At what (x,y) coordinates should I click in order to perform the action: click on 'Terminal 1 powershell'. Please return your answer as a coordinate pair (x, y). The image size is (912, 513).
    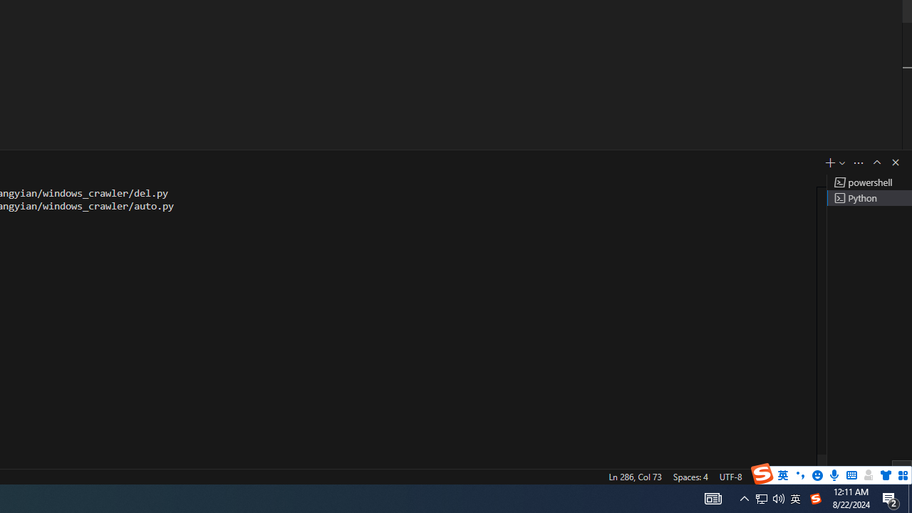
    Looking at the image, I should click on (869, 181).